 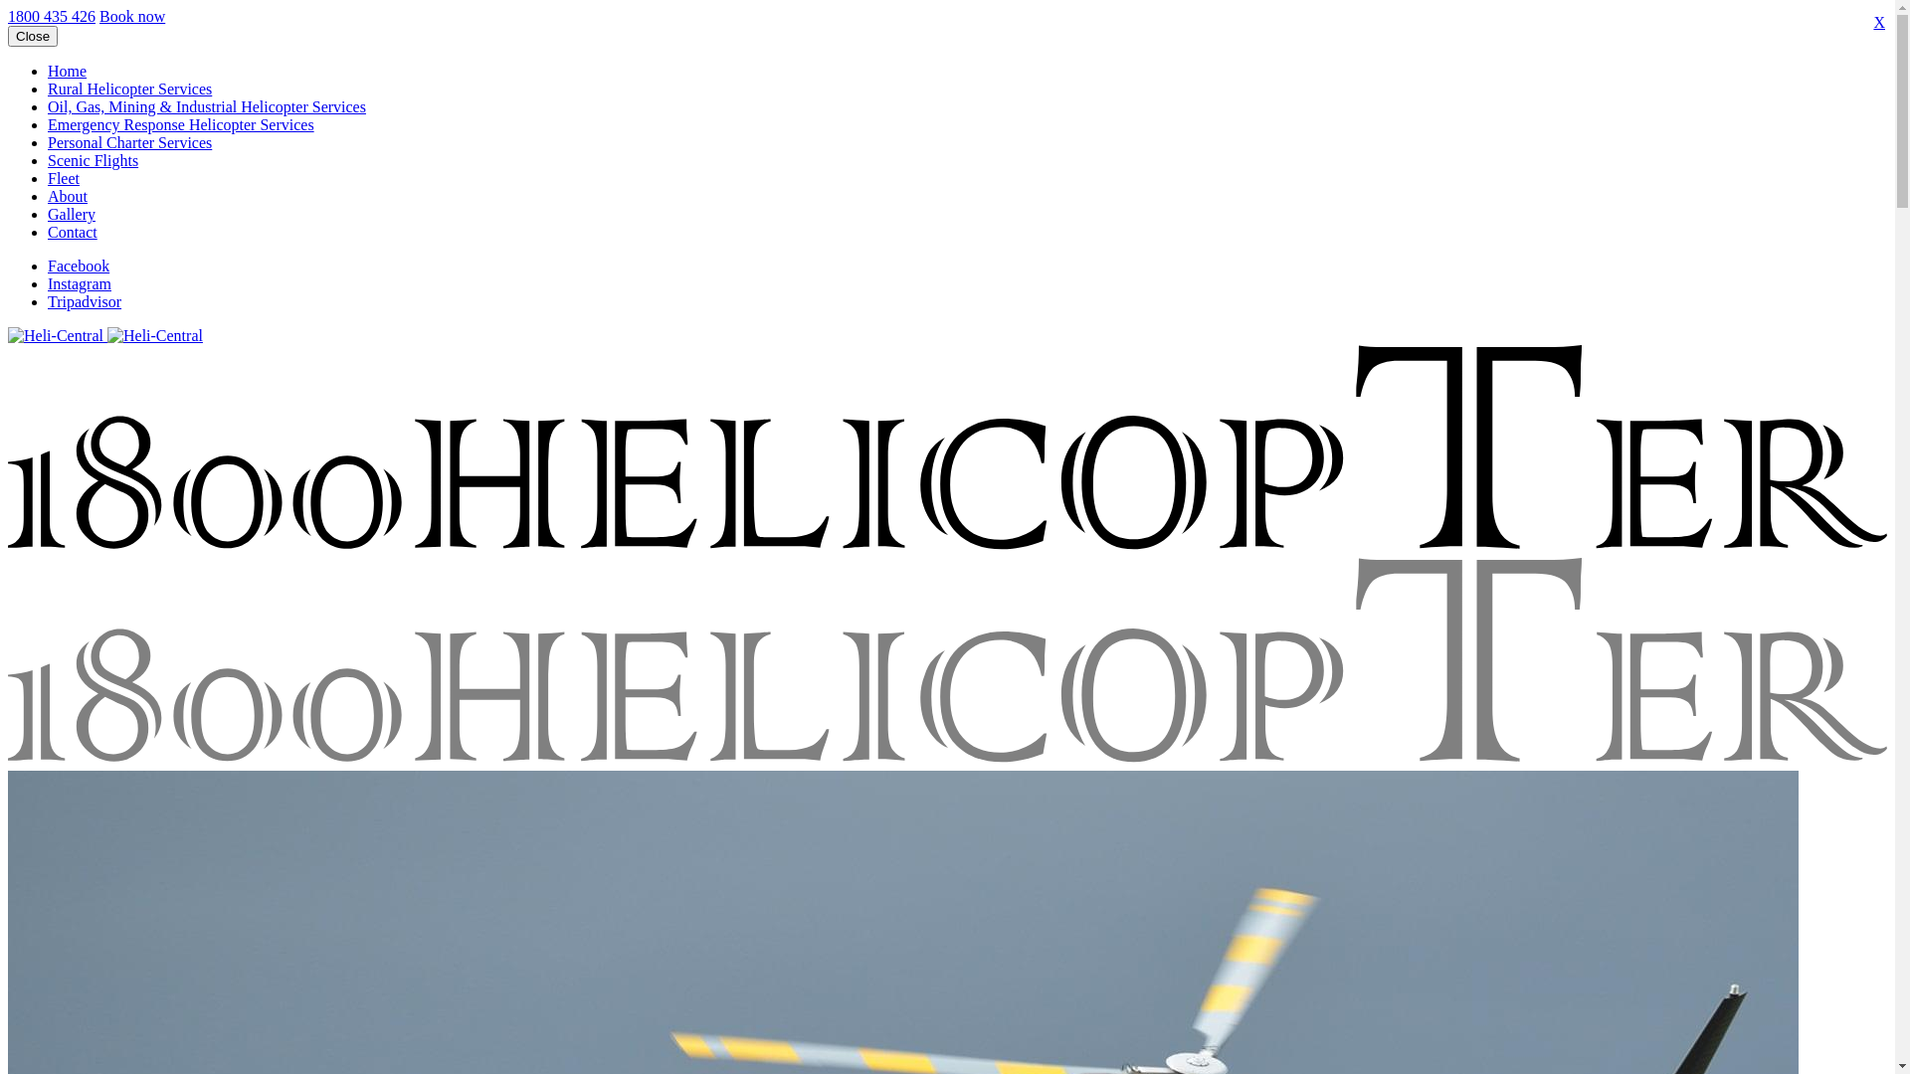 I want to click on 'Home', so click(x=67, y=70).